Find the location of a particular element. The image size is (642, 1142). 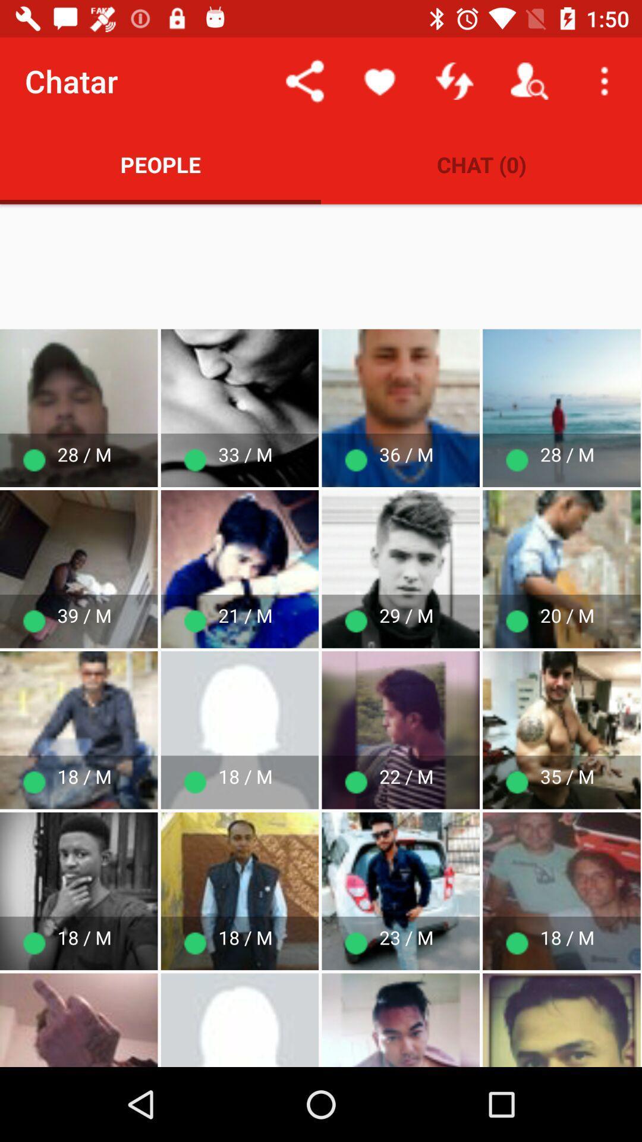

chat (0) item is located at coordinates (481, 164).